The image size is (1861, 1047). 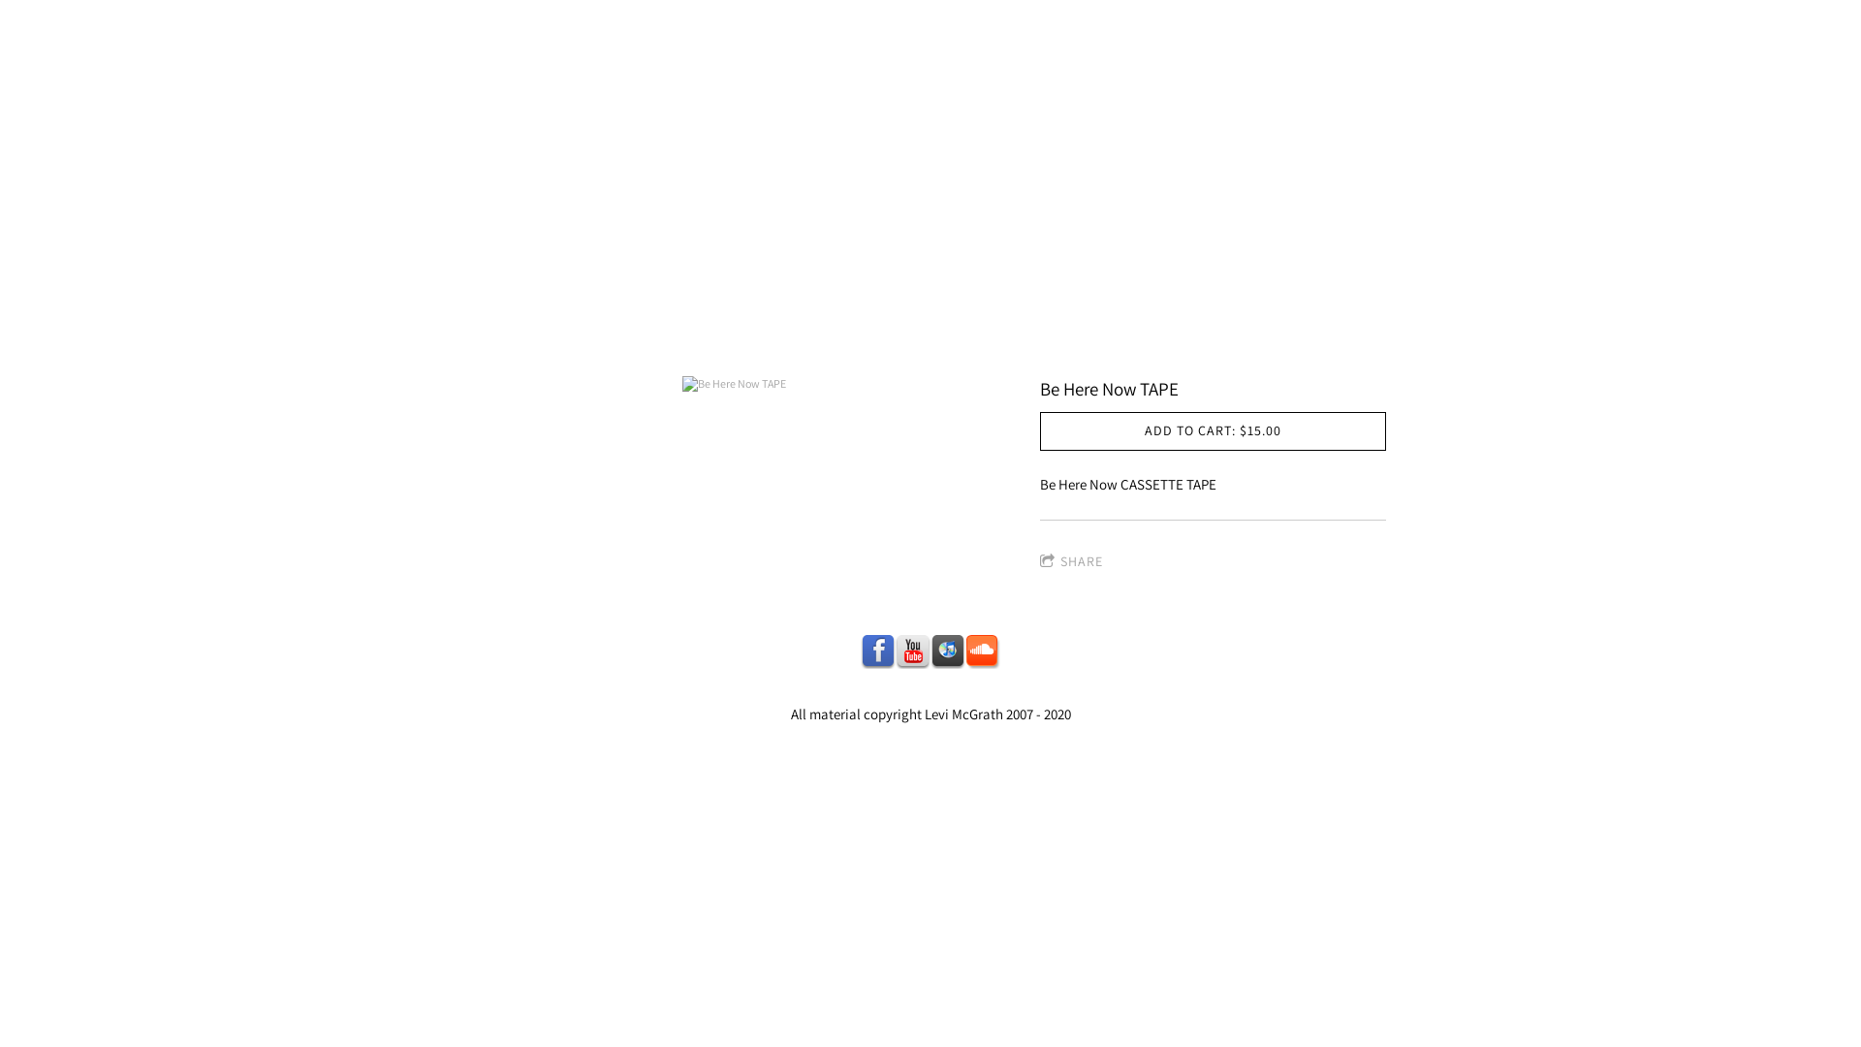 I want to click on 'https://itunes.apple.com/au/artist/levi-mcgrath/id262394655', so click(x=930, y=650).